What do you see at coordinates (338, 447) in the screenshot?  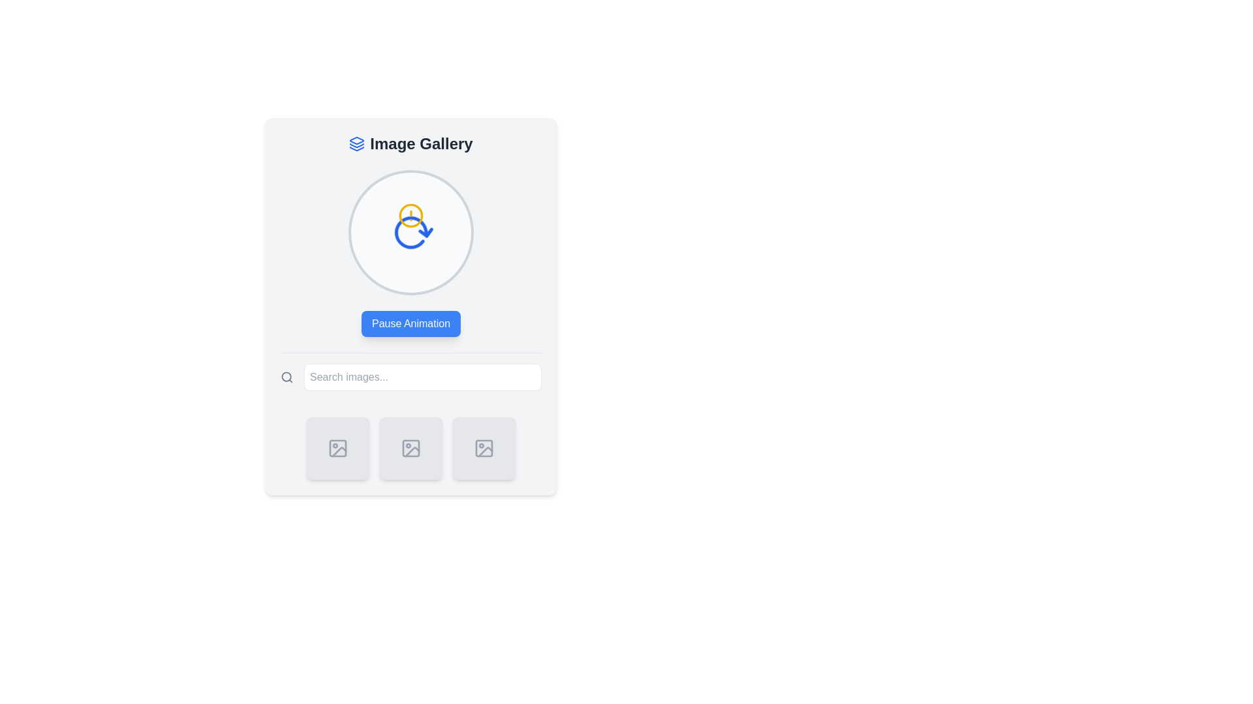 I see `the grayish rectangular button with rounded corners located at the bottom left of the grid layout` at bounding box center [338, 447].